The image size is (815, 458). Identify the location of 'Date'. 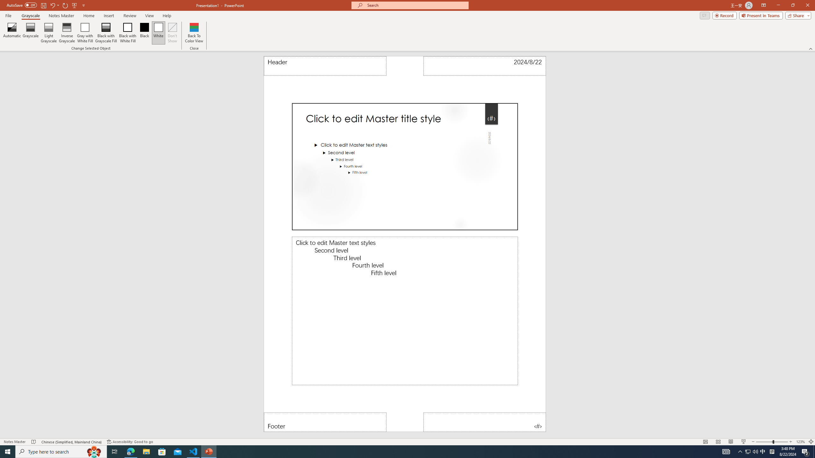
(485, 66).